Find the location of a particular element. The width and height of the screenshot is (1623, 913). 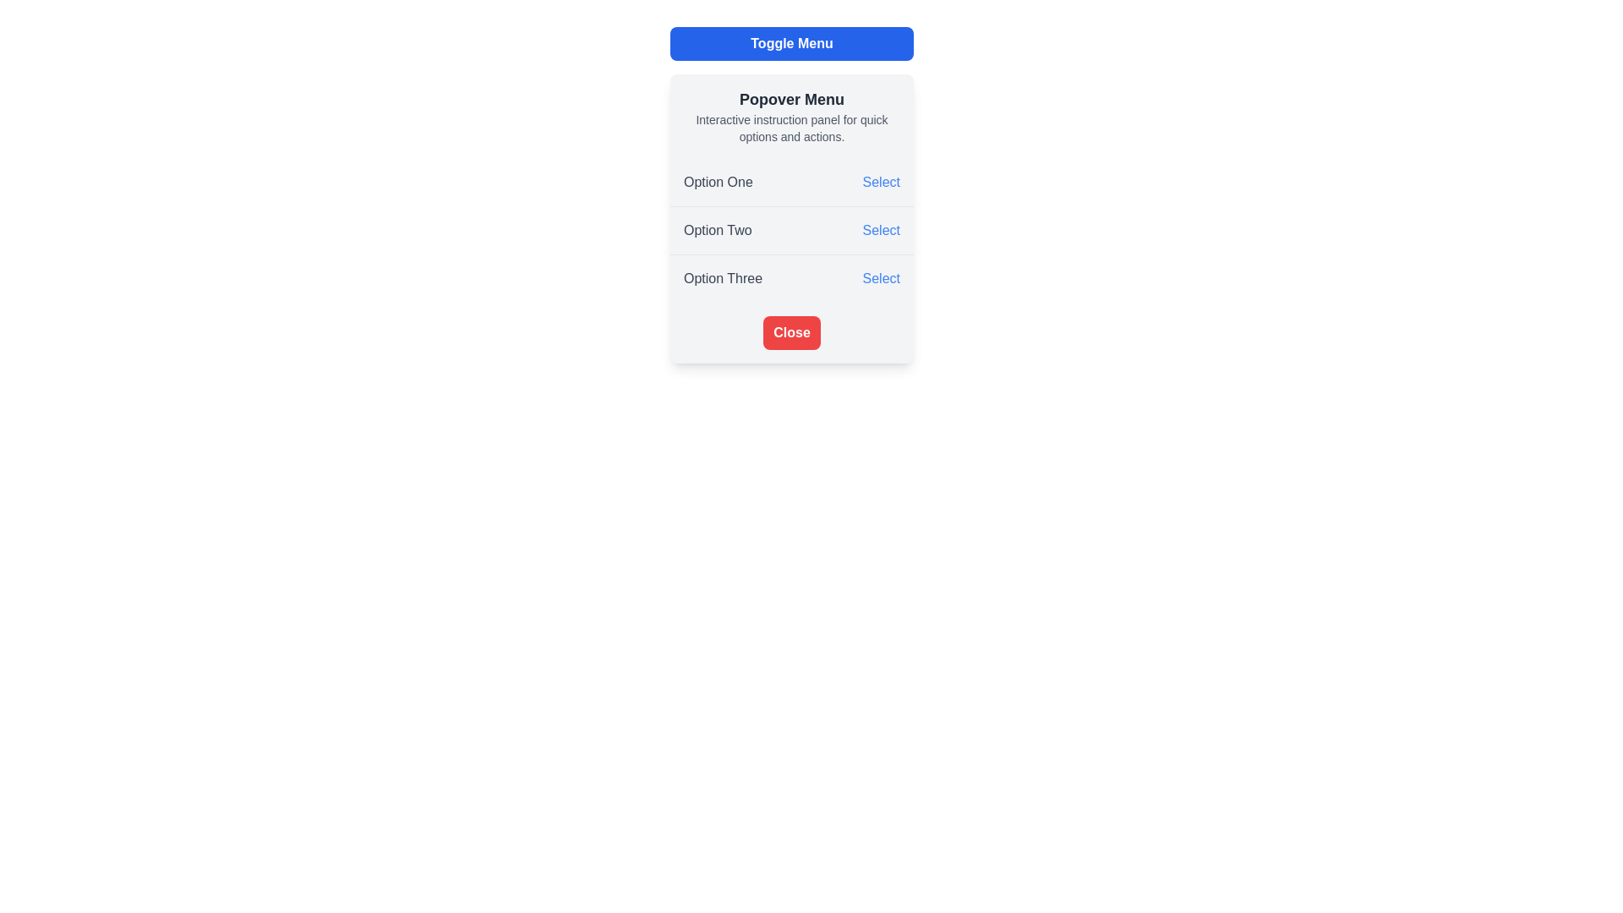

the button located at the bottom of the popover menu is located at coordinates (790, 332).